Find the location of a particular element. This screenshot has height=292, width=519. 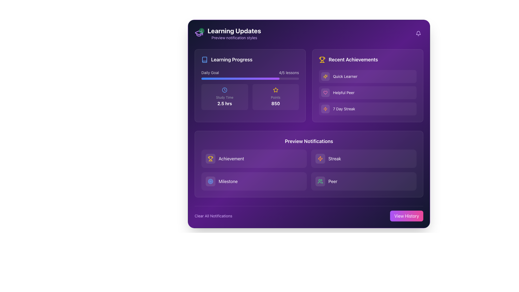

the informational Text label indicating the Daily Goal in the Learning Progress section, located near the progress '4/5 lessons' is located at coordinates (210, 72).